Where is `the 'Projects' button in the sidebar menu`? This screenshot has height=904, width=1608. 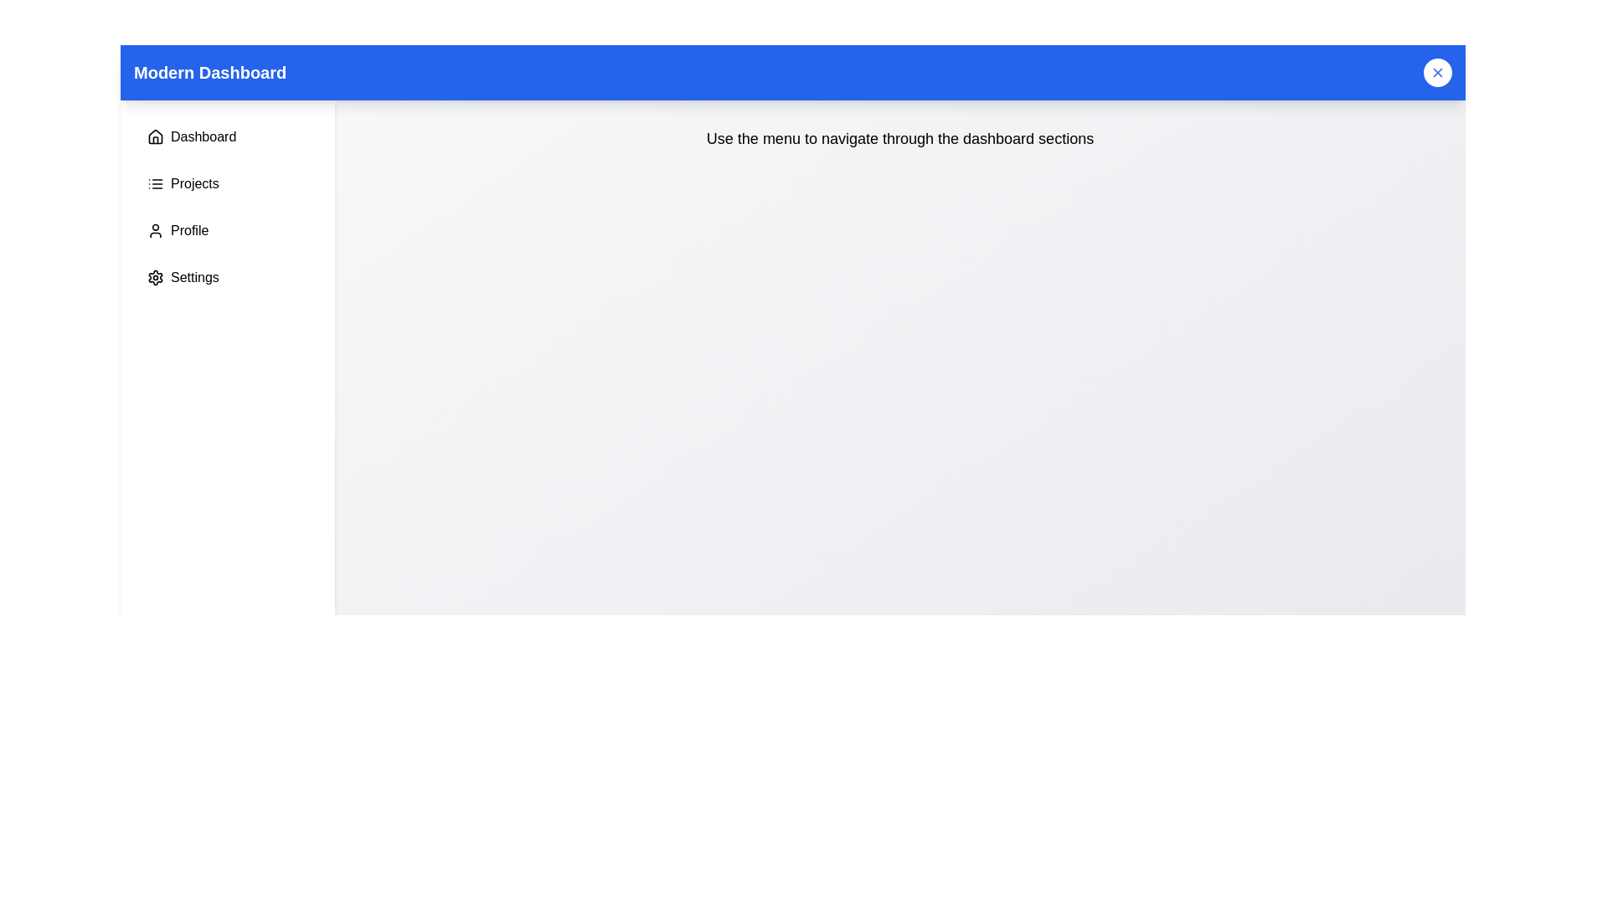 the 'Projects' button in the sidebar menu is located at coordinates (227, 183).